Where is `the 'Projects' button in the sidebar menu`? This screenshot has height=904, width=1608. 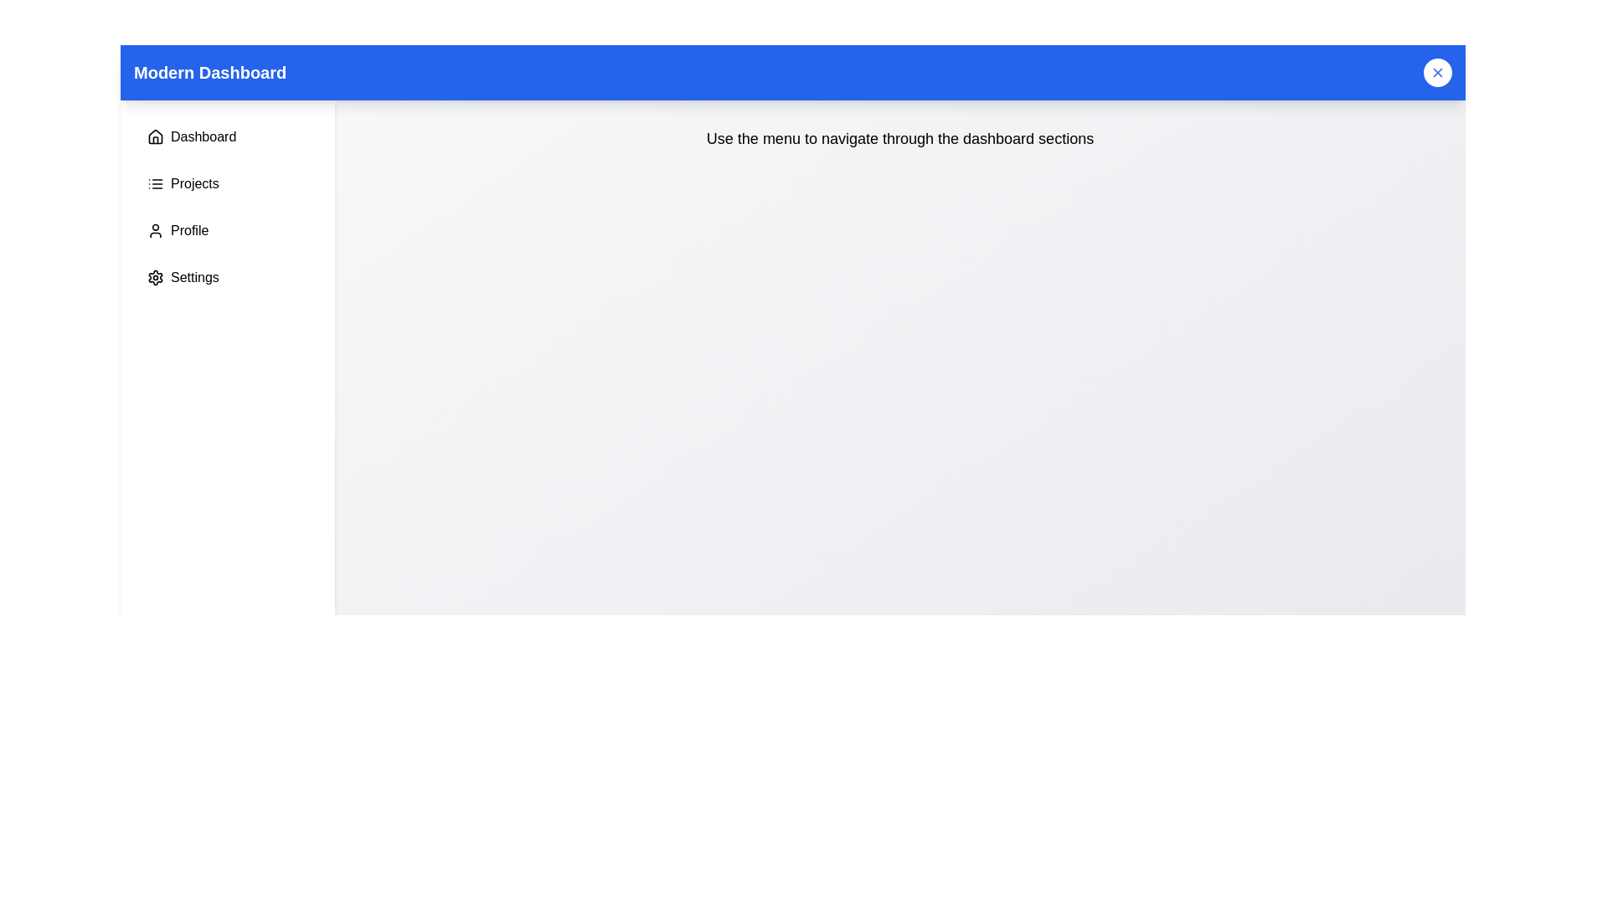 the 'Projects' button in the sidebar menu is located at coordinates (227, 183).